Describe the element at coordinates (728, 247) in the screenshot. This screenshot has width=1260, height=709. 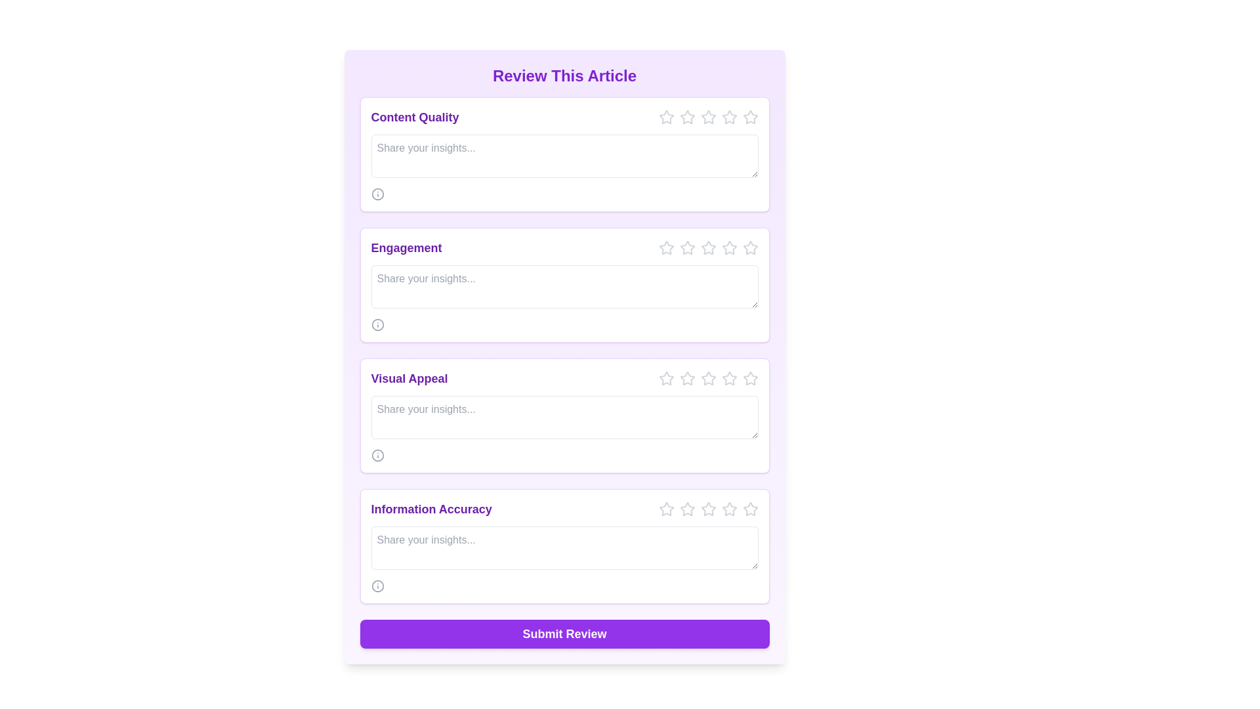
I see `the fourth rating star icon in the 'Engagement' section` at that location.